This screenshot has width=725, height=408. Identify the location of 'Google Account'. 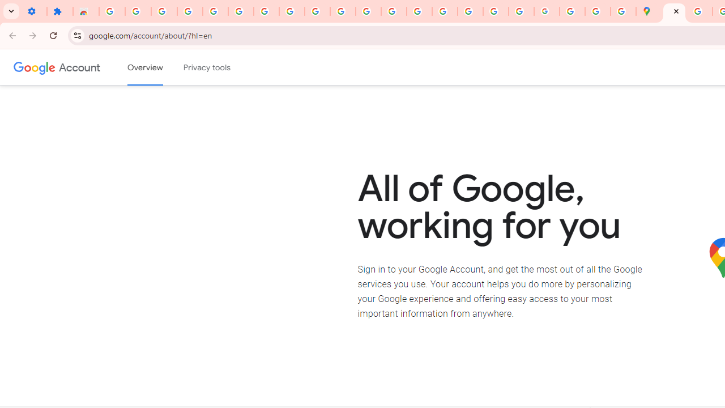
(79, 67).